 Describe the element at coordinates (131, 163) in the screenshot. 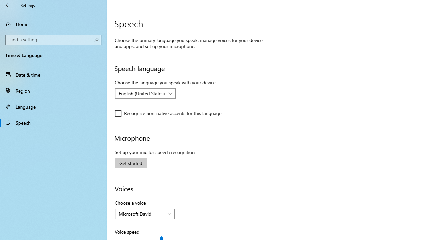

I see `'Get started'` at that location.